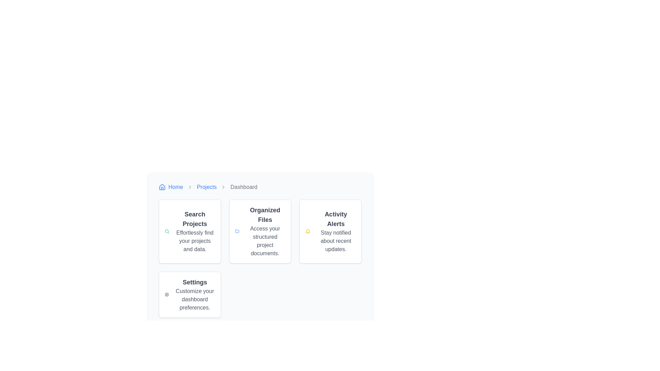 The image size is (660, 371). What do you see at coordinates (336, 219) in the screenshot?
I see `the 'Activity Alerts' text label, which is displayed in bold, dark gray font at the top center of a card in the third column of a horizontally aligned grid of cards, below the breadcrumb navigation` at bounding box center [336, 219].